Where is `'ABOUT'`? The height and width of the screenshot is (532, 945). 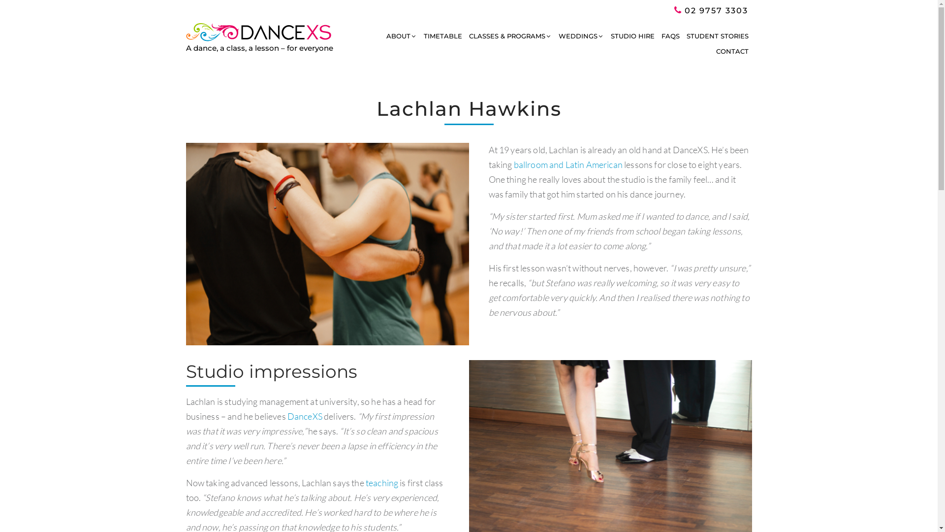
'ABOUT' is located at coordinates (402, 36).